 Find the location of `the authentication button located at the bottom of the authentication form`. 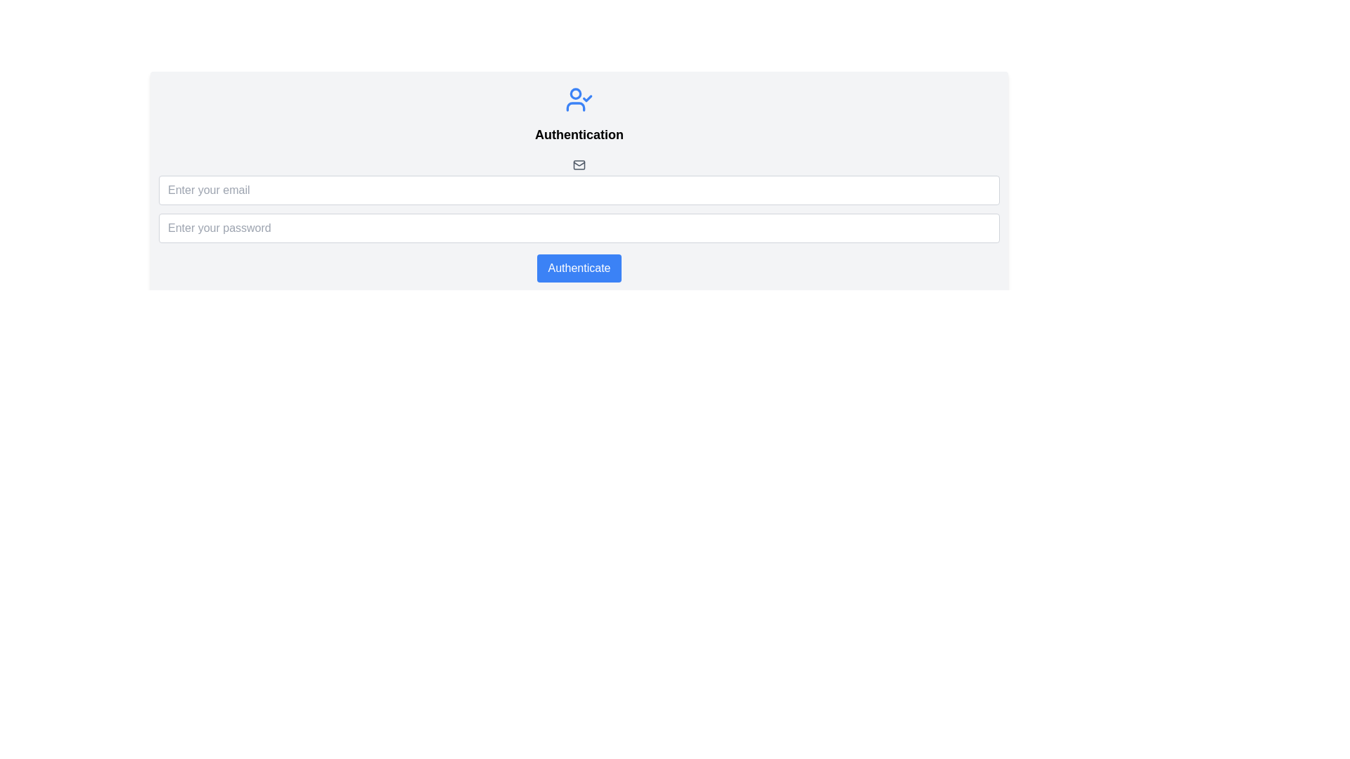

the authentication button located at the bottom of the authentication form is located at coordinates (579, 268).